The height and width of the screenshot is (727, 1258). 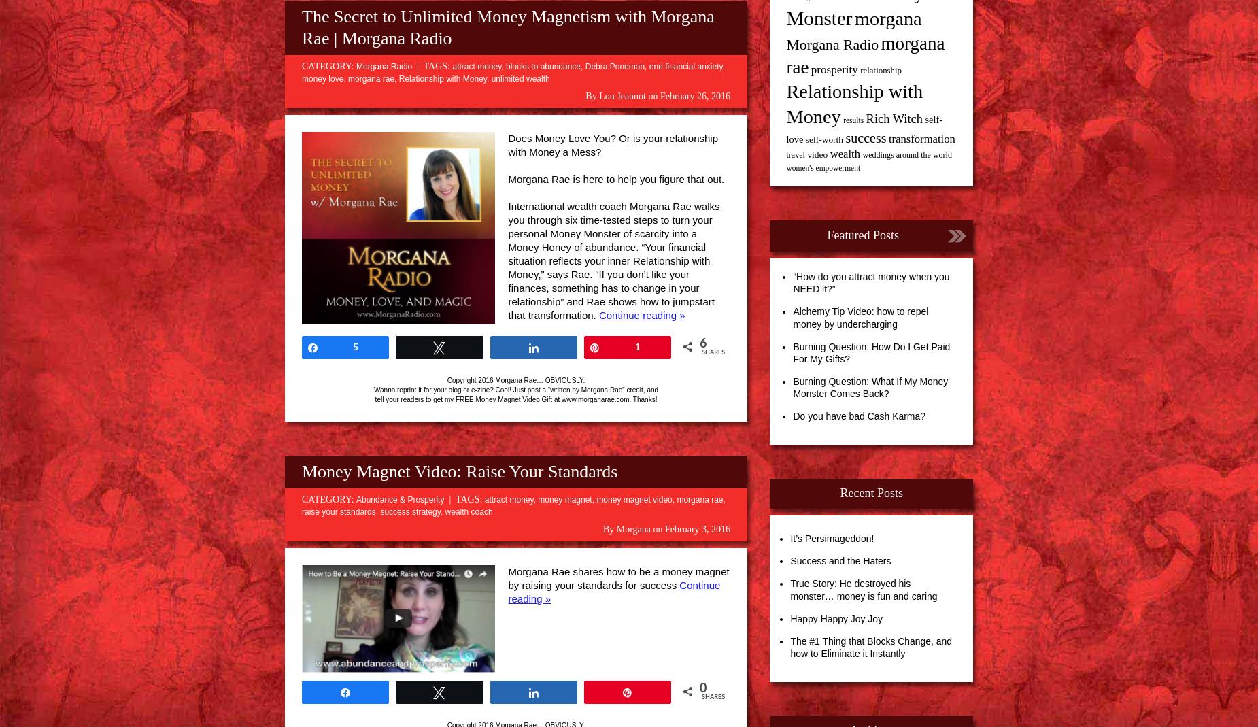 What do you see at coordinates (508, 26) in the screenshot?
I see `'The Secret to Unlimited Money Magnetism with Morgana Rae | Morgana Radio'` at bounding box center [508, 26].